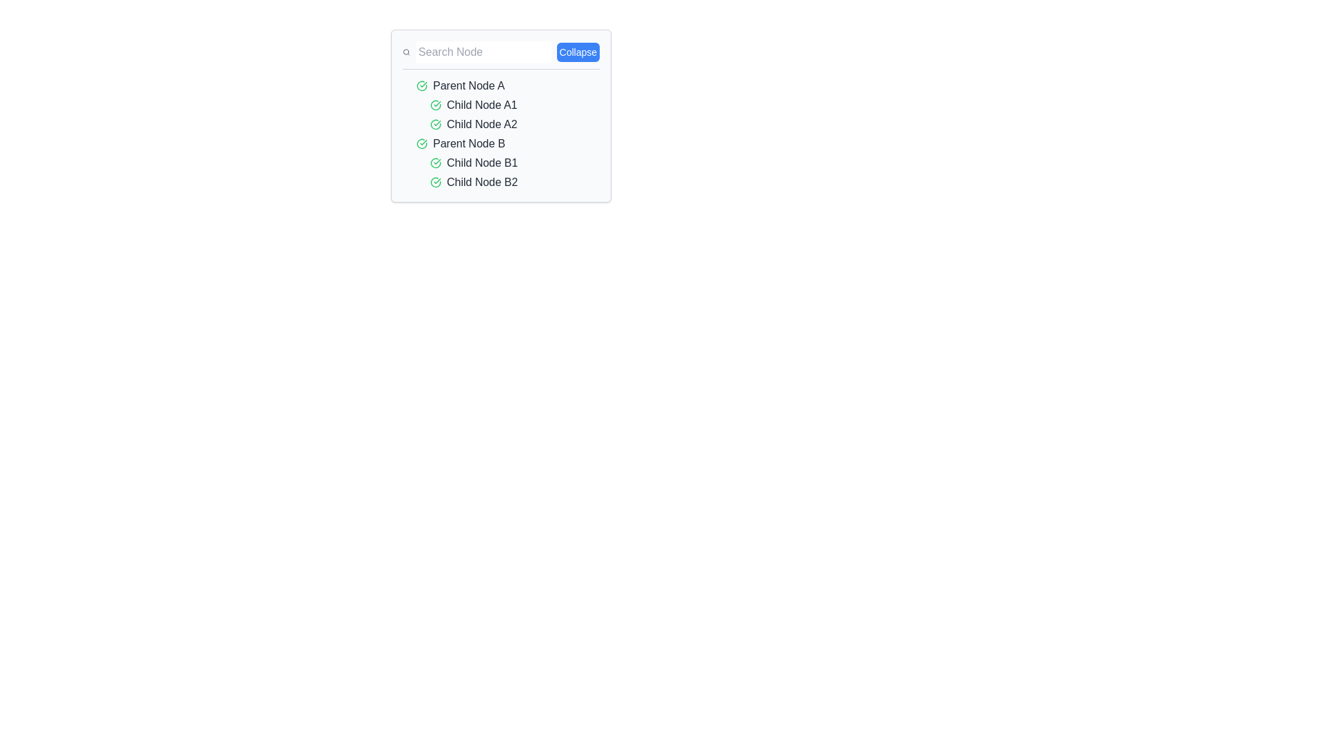  What do you see at coordinates (578, 52) in the screenshot?
I see `the collapse button located at the top-right corner of the layout` at bounding box center [578, 52].